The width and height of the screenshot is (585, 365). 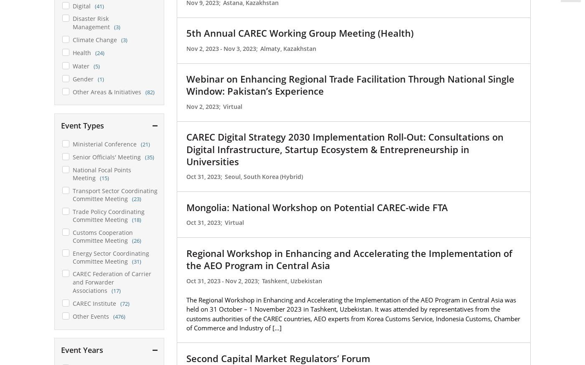 What do you see at coordinates (104, 178) in the screenshot?
I see `'(15)'` at bounding box center [104, 178].